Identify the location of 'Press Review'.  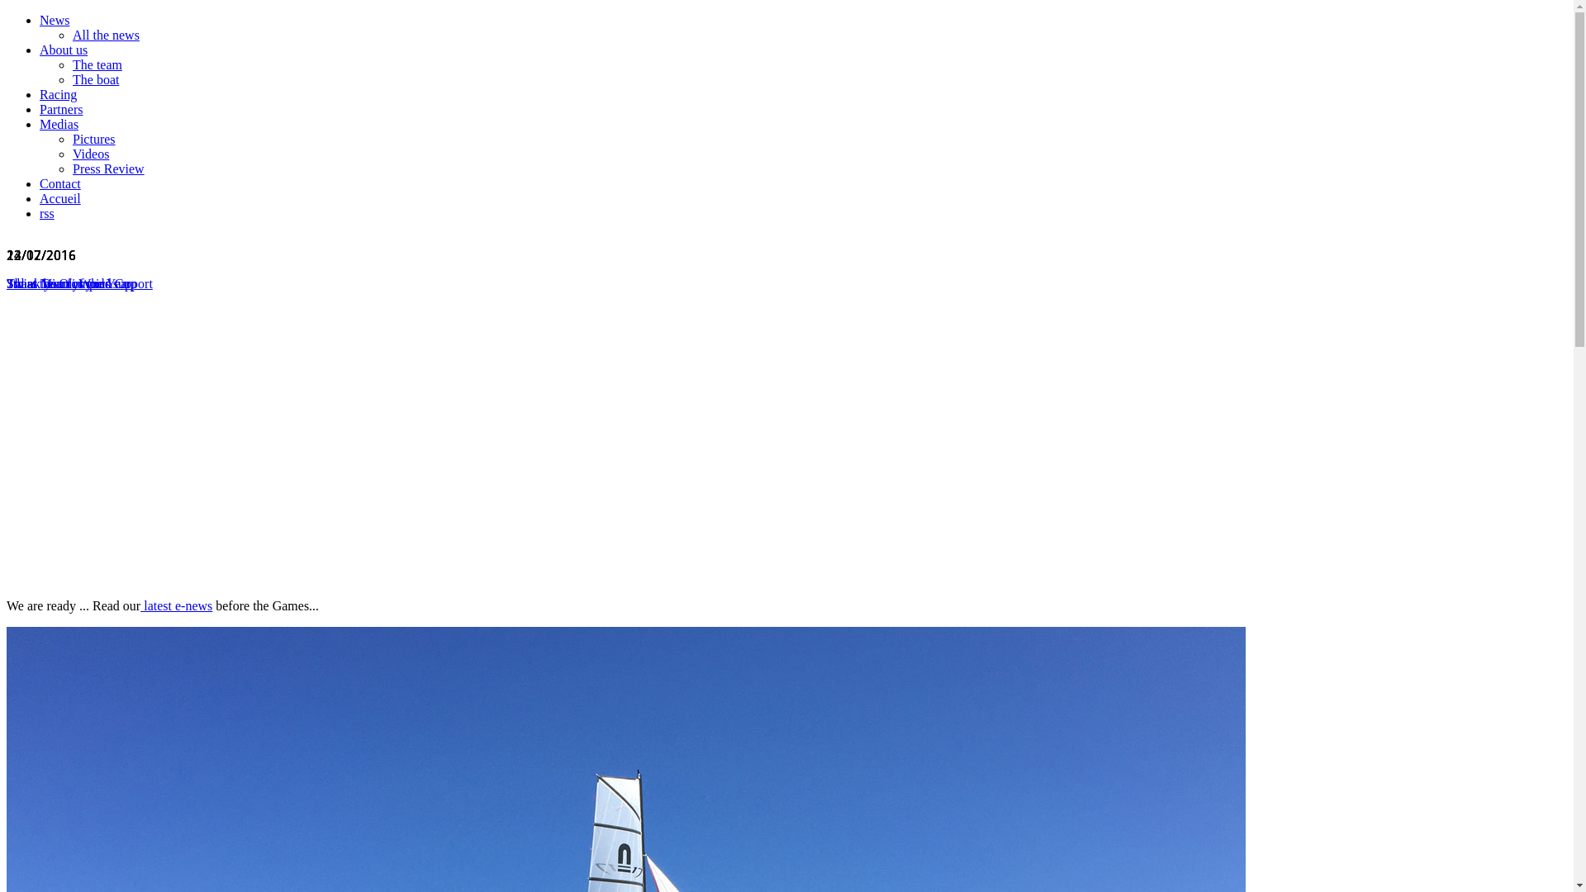
(107, 168).